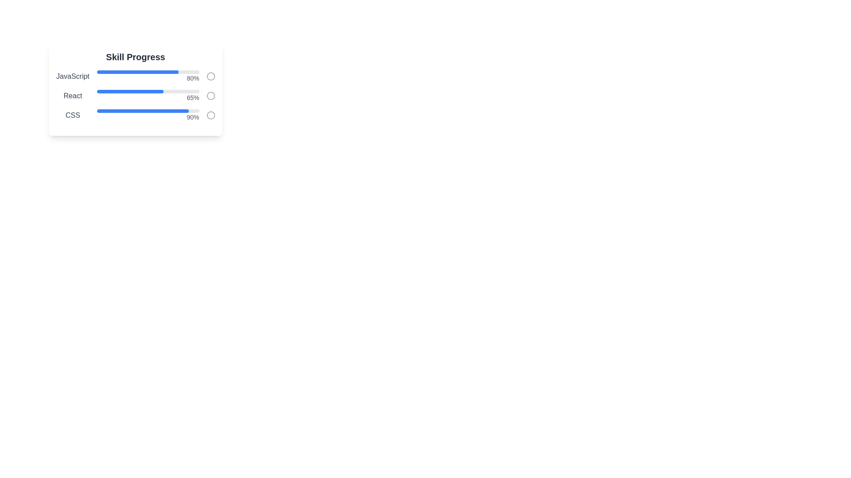  I want to click on the first progress bar representing 80% completion of the 'JavaScript' skill, located between the 'JavaScript' label and the '80%' text, so click(148, 71).